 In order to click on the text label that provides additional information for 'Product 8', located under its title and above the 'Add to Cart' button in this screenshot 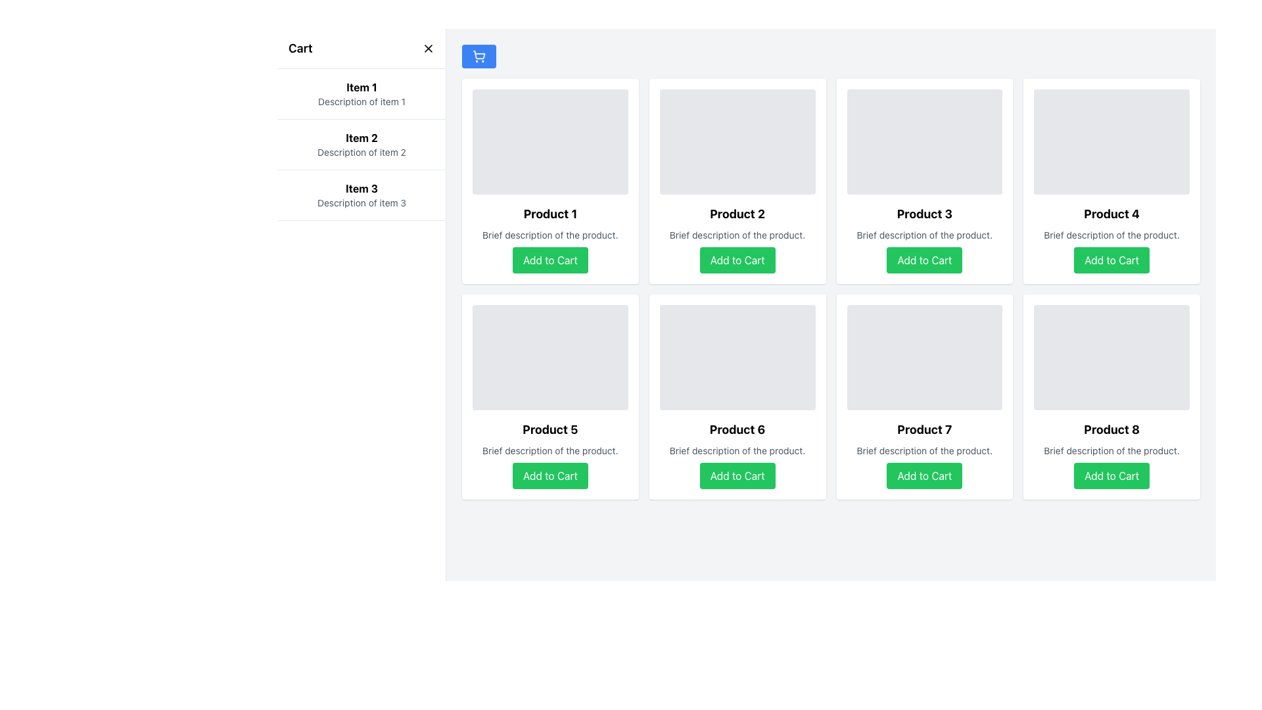, I will do `click(1111, 450)`.